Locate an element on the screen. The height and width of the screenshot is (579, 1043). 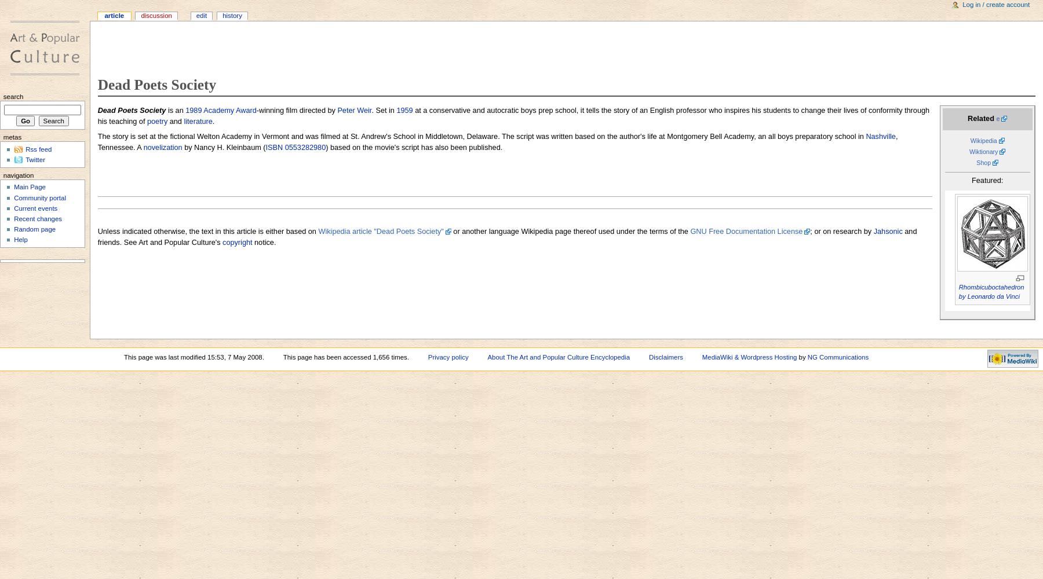
'in' is located at coordinates (420, 135).